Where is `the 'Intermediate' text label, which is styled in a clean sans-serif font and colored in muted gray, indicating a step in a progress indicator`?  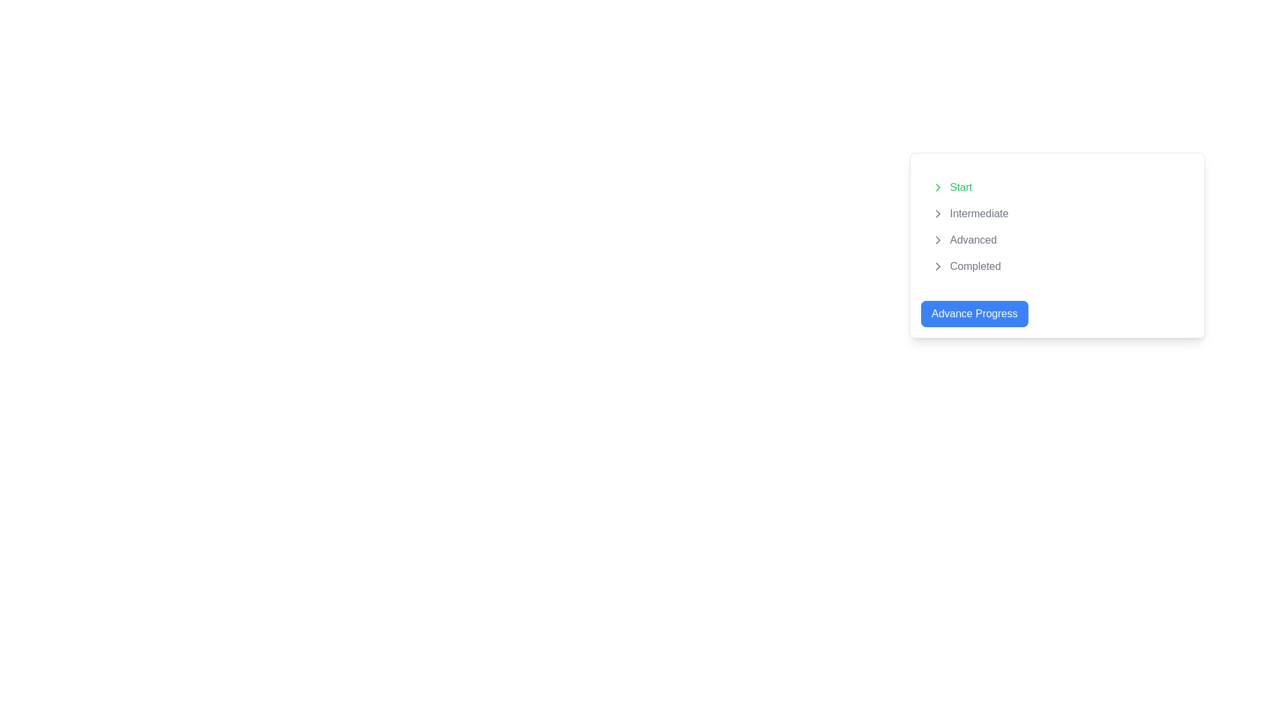 the 'Intermediate' text label, which is styled in a clean sans-serif font and colored in muted gray, indicating a step in a progress indicator is located at coordinates (979, 213).